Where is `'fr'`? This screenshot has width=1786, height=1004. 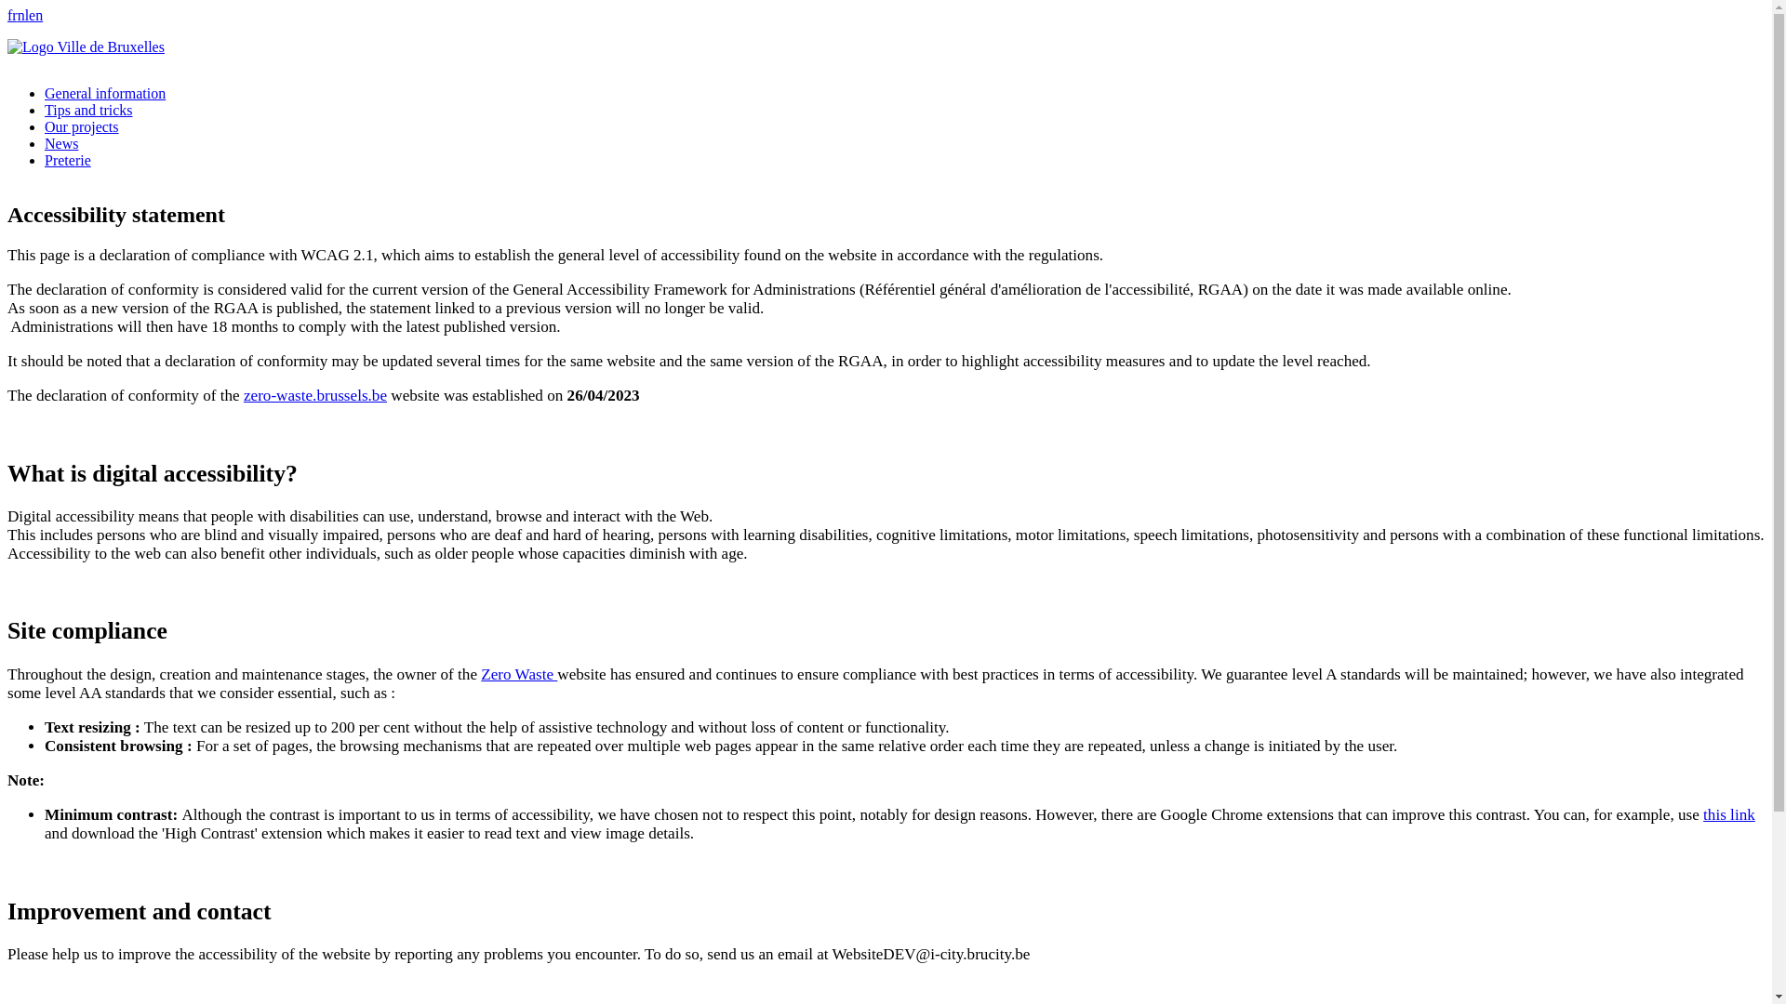 'fr' is located at coordinates (12, 15).